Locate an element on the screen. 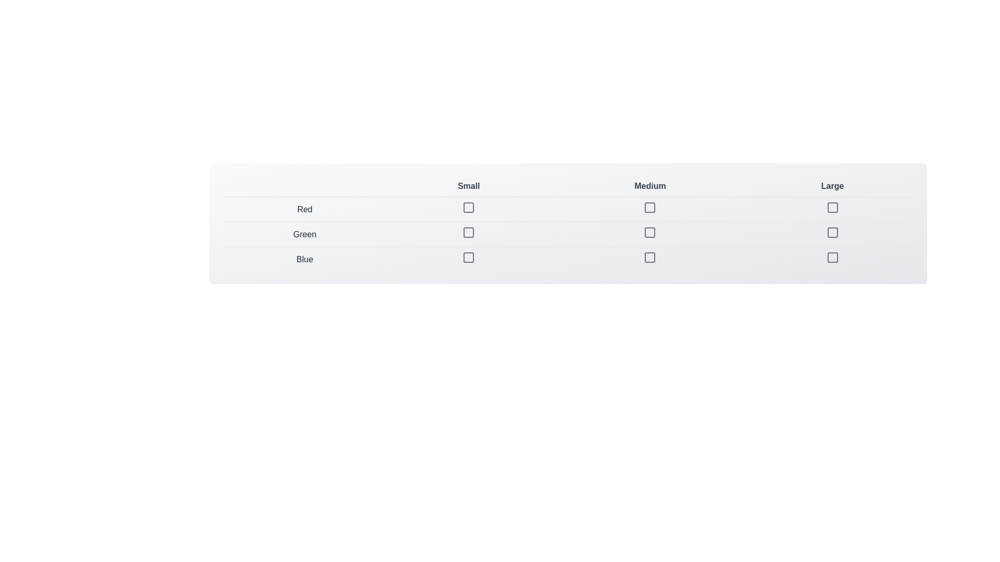 This screenshot has width=1000, height=562. the interactive checkbox located in the first row under the 'Small' column header next to the 'Red' label for keyboard interaction is located at coordinates (468, 207).